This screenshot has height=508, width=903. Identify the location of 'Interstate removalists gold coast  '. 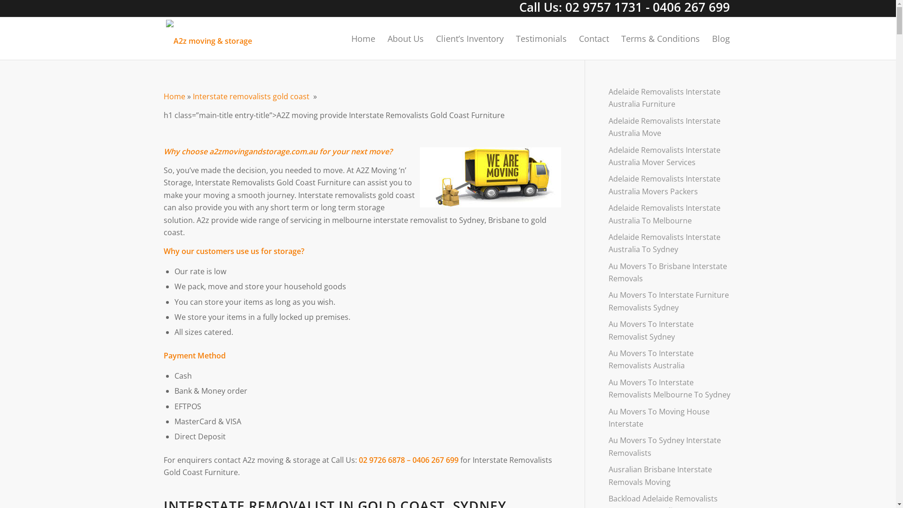
(192, 96).